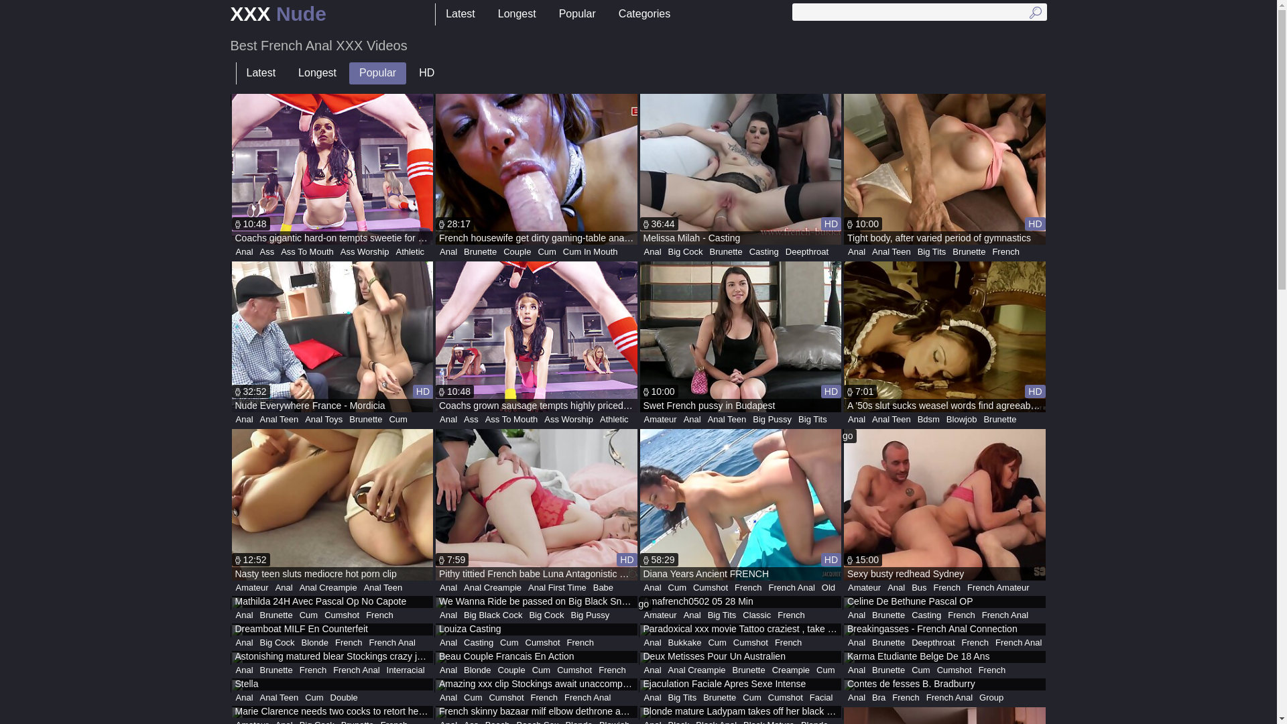 This screenshot has width=1287, height=724. Describe the element at coordinates (560, 697) in the screenshot. I see `'French Anal'` at that location.